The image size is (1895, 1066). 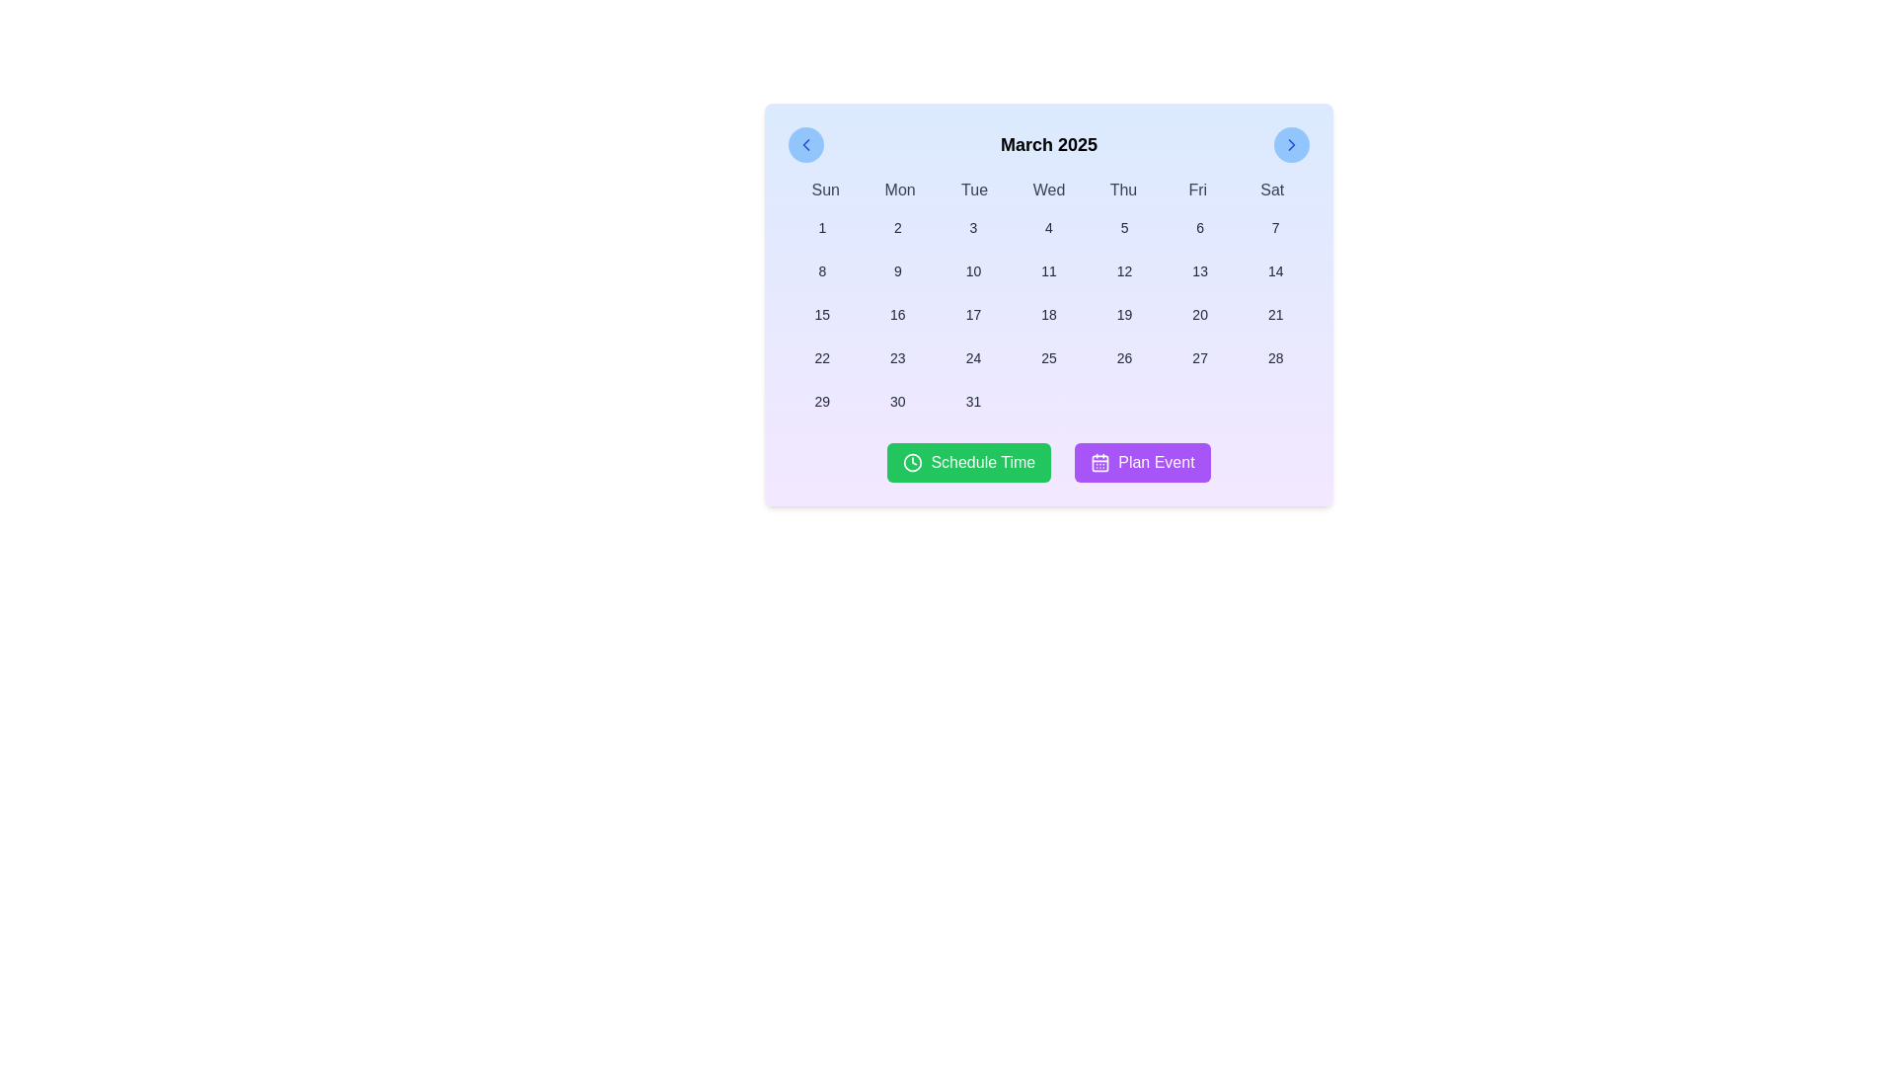 I want to click on the static text label displaying 'Sat' which is the last item in a horizontal arrangement of day names within the calendar component, so click(x=1272, y=190).